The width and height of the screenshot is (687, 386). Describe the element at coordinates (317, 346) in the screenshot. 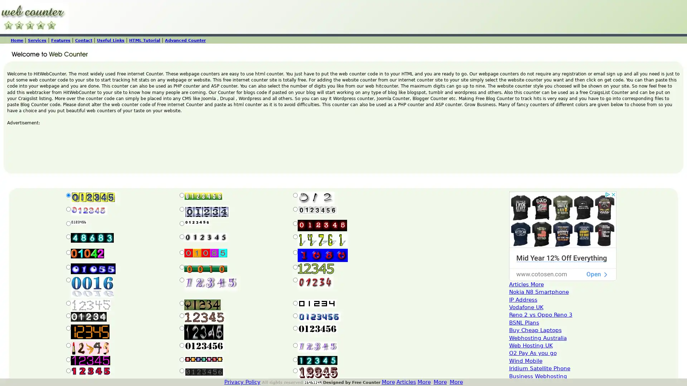

I see `Submit` at that location.